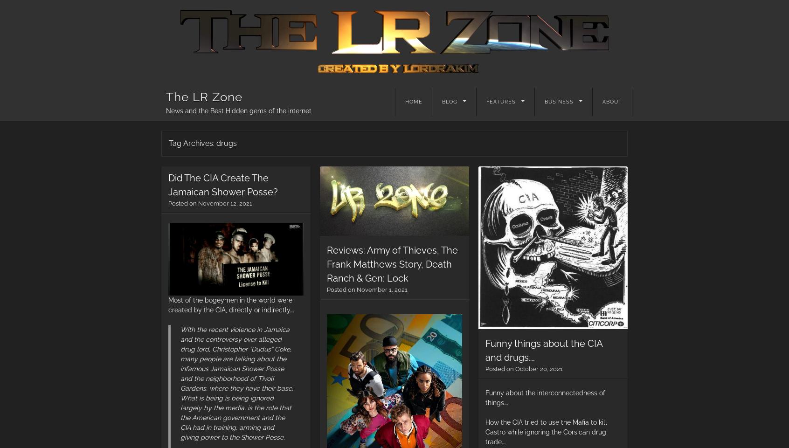  What do you see at coordinates (222, 185) in the screenshot?
I see `'Did The CIA Create The Jamaican Shower Posse?'` at bounding box center [222, 185].